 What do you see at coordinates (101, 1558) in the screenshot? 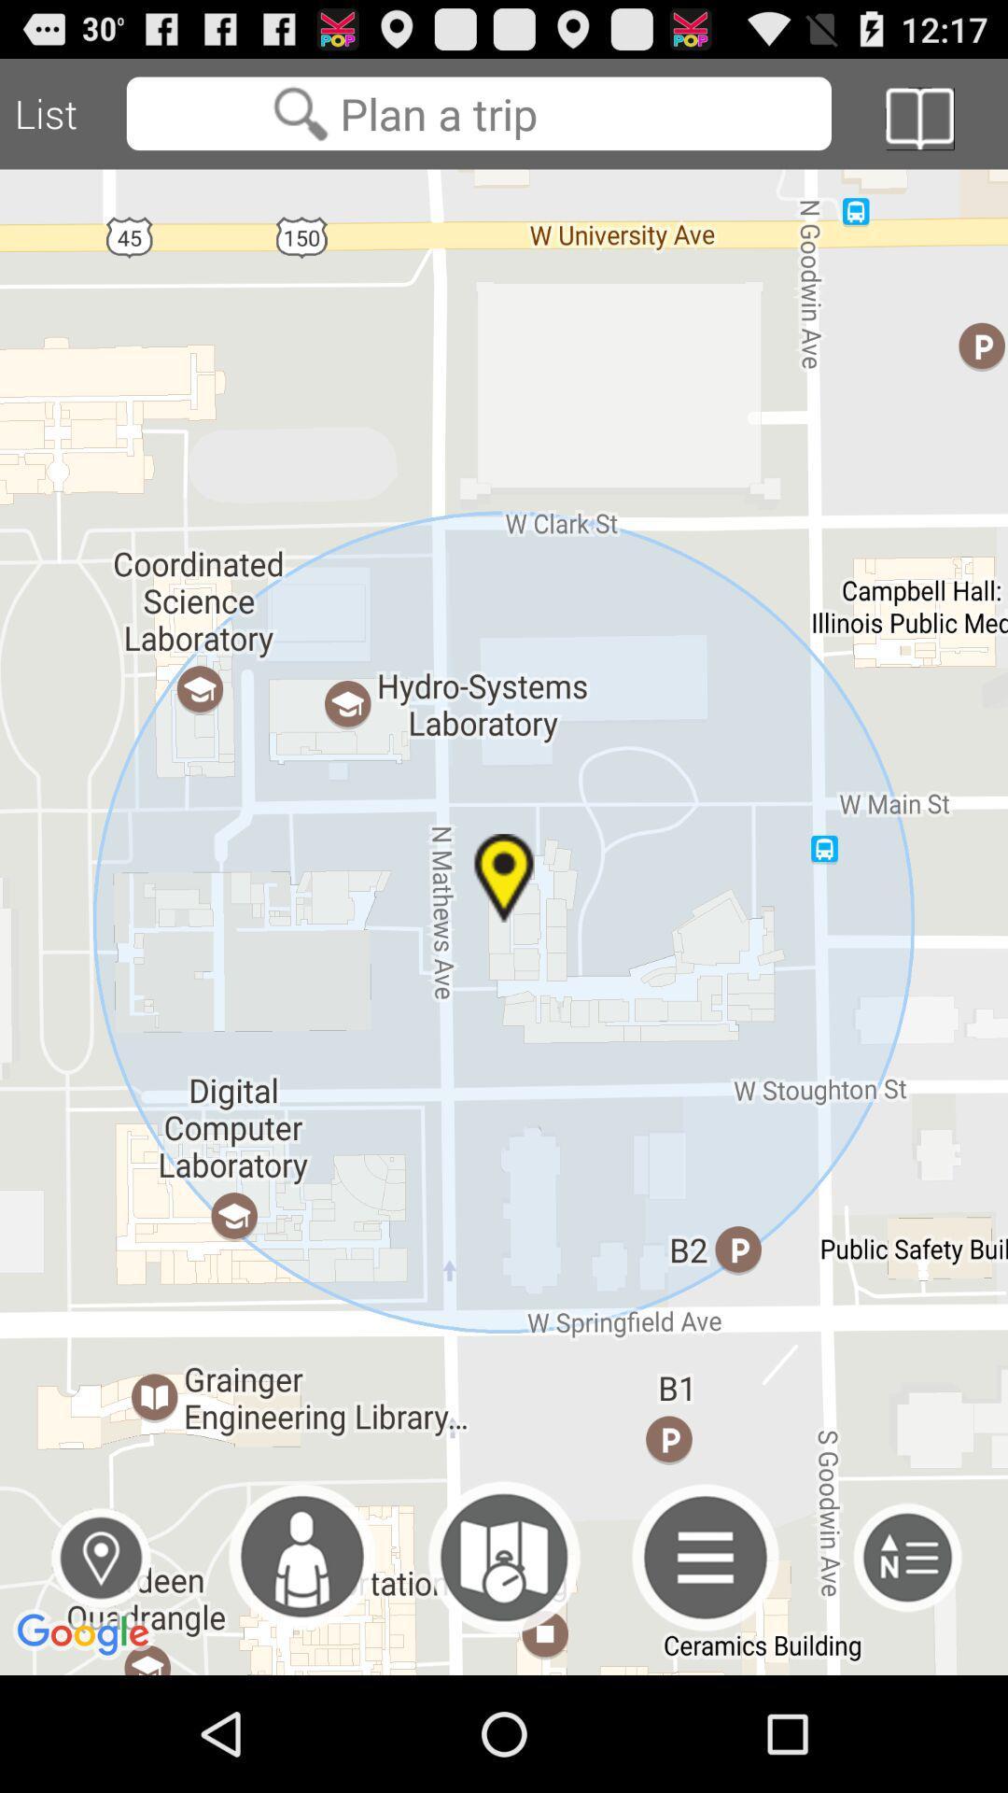
I see `app below list icon` at bounding box center [101, 1558].